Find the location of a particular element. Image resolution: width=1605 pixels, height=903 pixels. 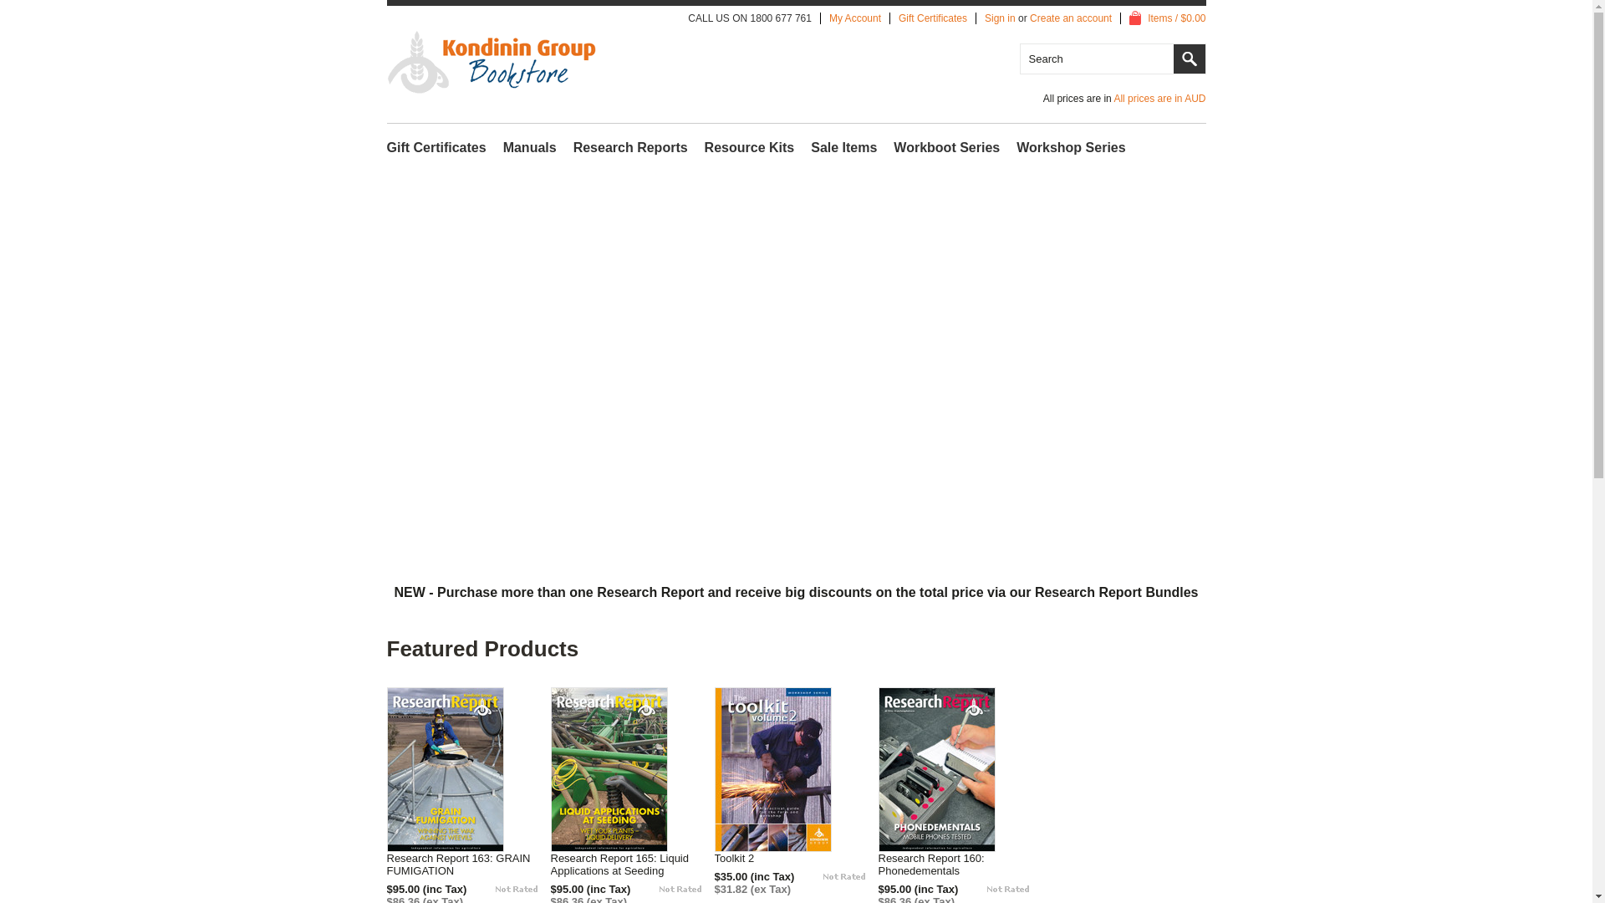

'Toolkit 2' is located at coordinates (737, 858).